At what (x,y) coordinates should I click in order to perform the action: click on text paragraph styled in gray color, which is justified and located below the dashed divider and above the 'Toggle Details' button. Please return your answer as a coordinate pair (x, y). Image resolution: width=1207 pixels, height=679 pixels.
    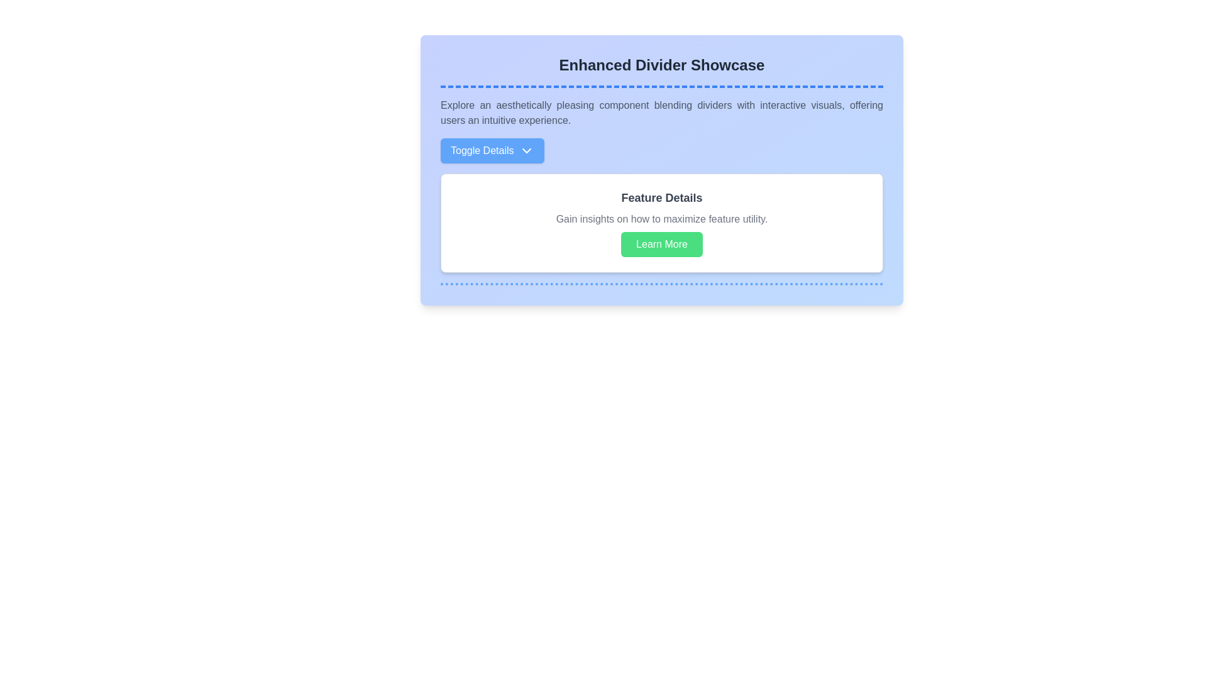
    Looking at the image, I should click on (661, 113).